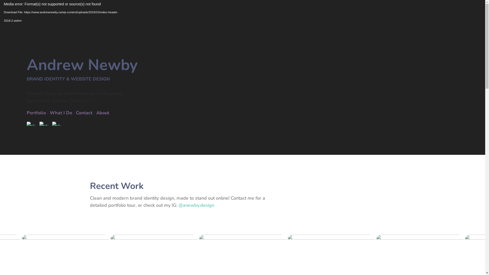 This screenshot has height=275, width=489. I want to click on 'Contact', so click(84, 113).